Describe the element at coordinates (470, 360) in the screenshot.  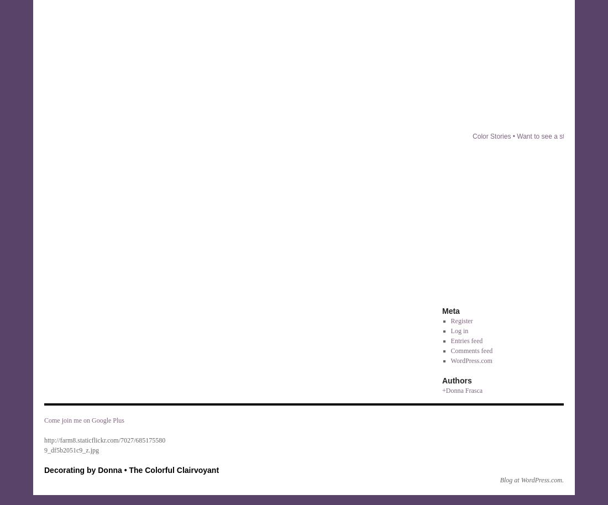
I see `'WordPress.com'` at that location.